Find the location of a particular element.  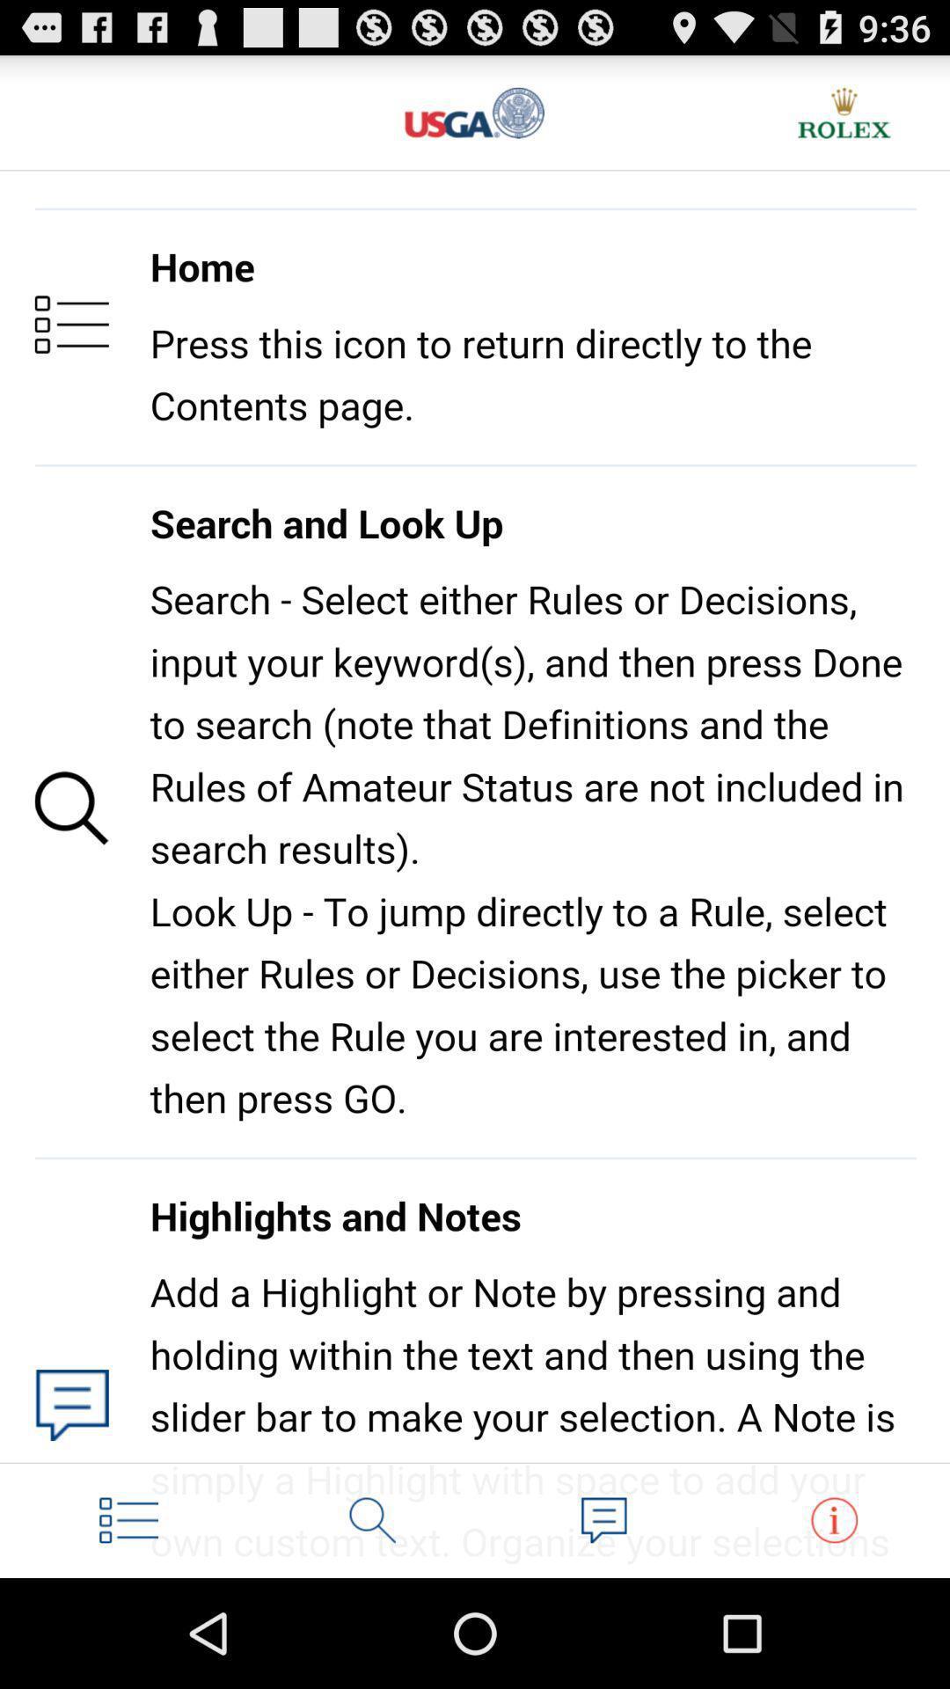

the list icon is located at coordinates (128, 1626).